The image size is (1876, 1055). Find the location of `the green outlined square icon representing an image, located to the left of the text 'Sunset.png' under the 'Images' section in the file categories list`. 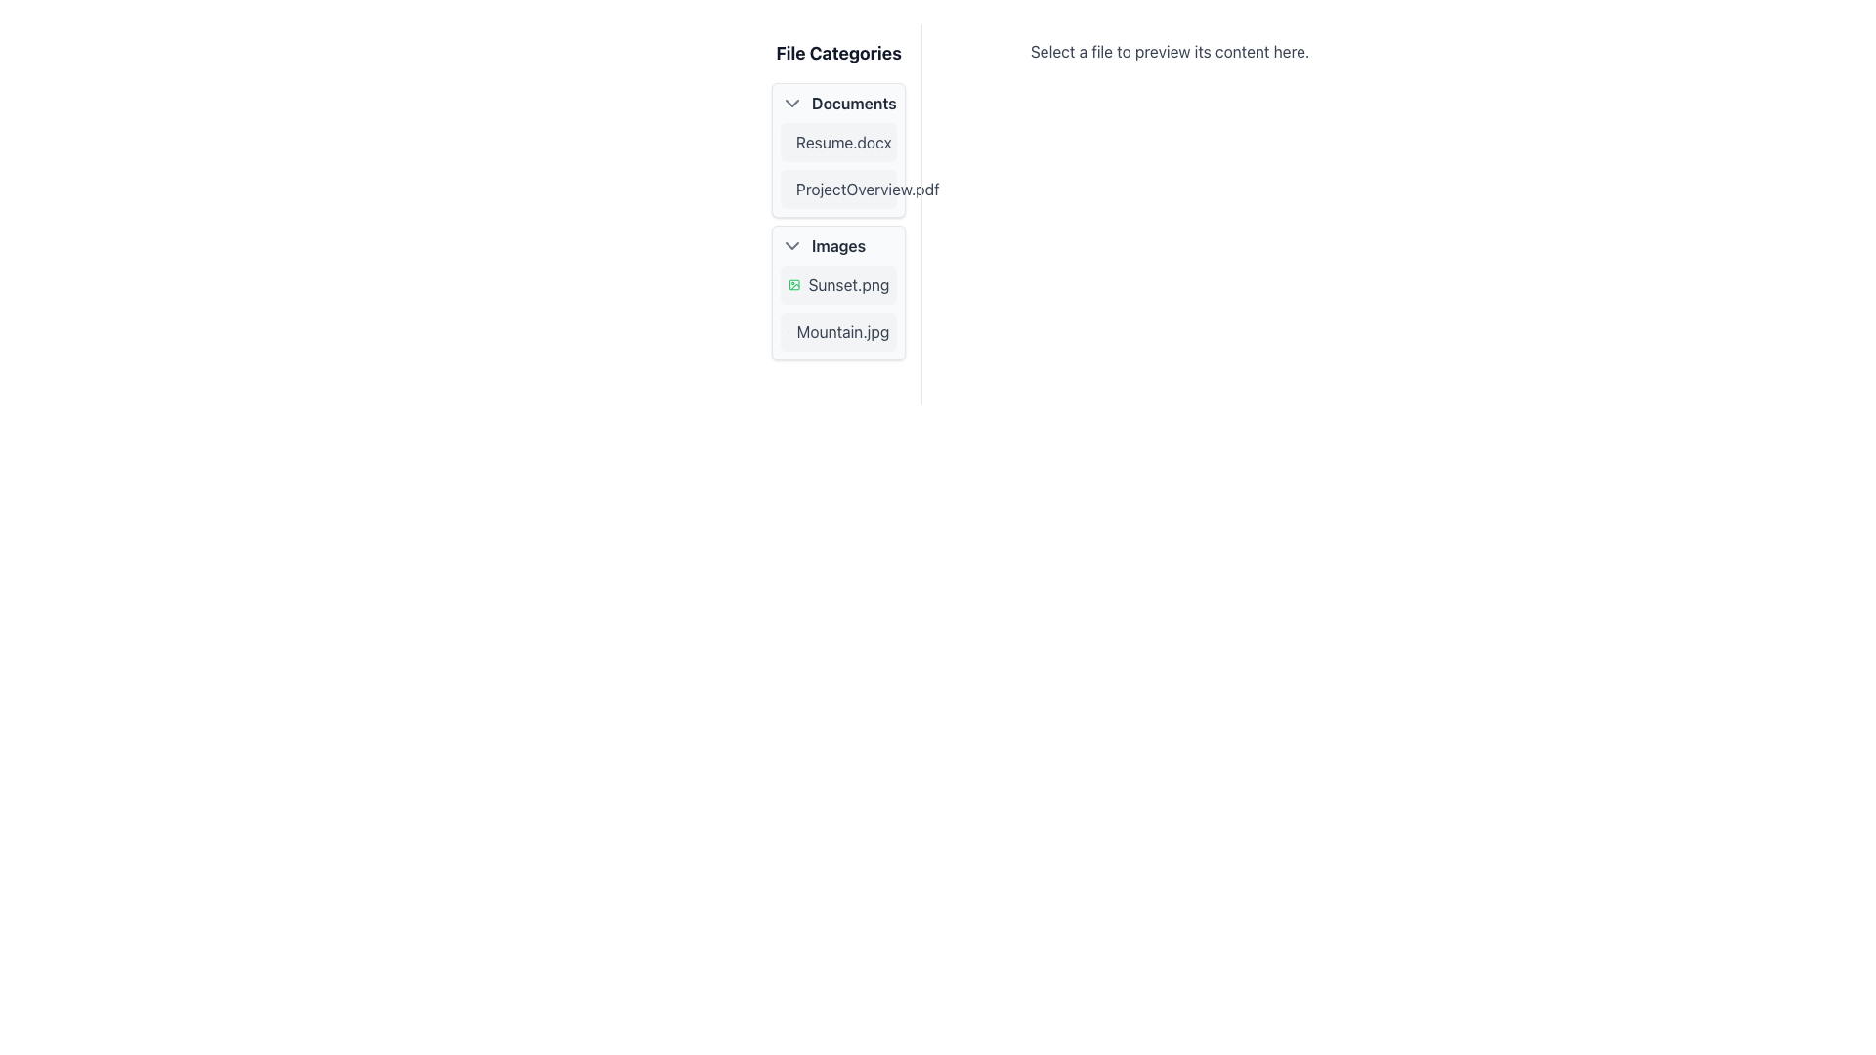

the green outlined square icon representing an image, located to the left of the text 'Sunset.png' under the 'Images' section in the file categories list is located at coordinates (794, 285).